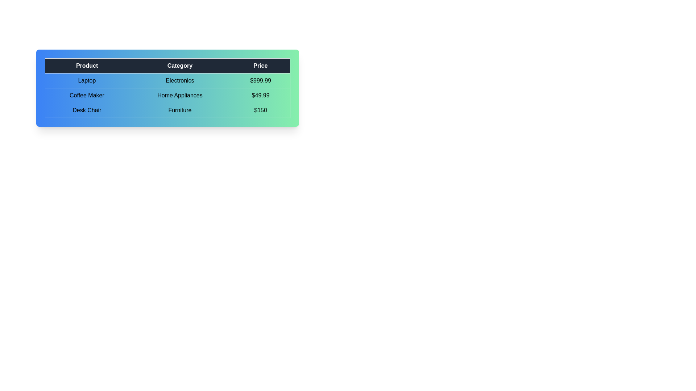 This screenshot has height=391, width=696. What do you see at coordinates (167, 95) in the screenshot?
I see `the second row in the table containing 'Coffee Maker', 'Home Appliances', and '$49.99'` at bounding box center [167, 95].